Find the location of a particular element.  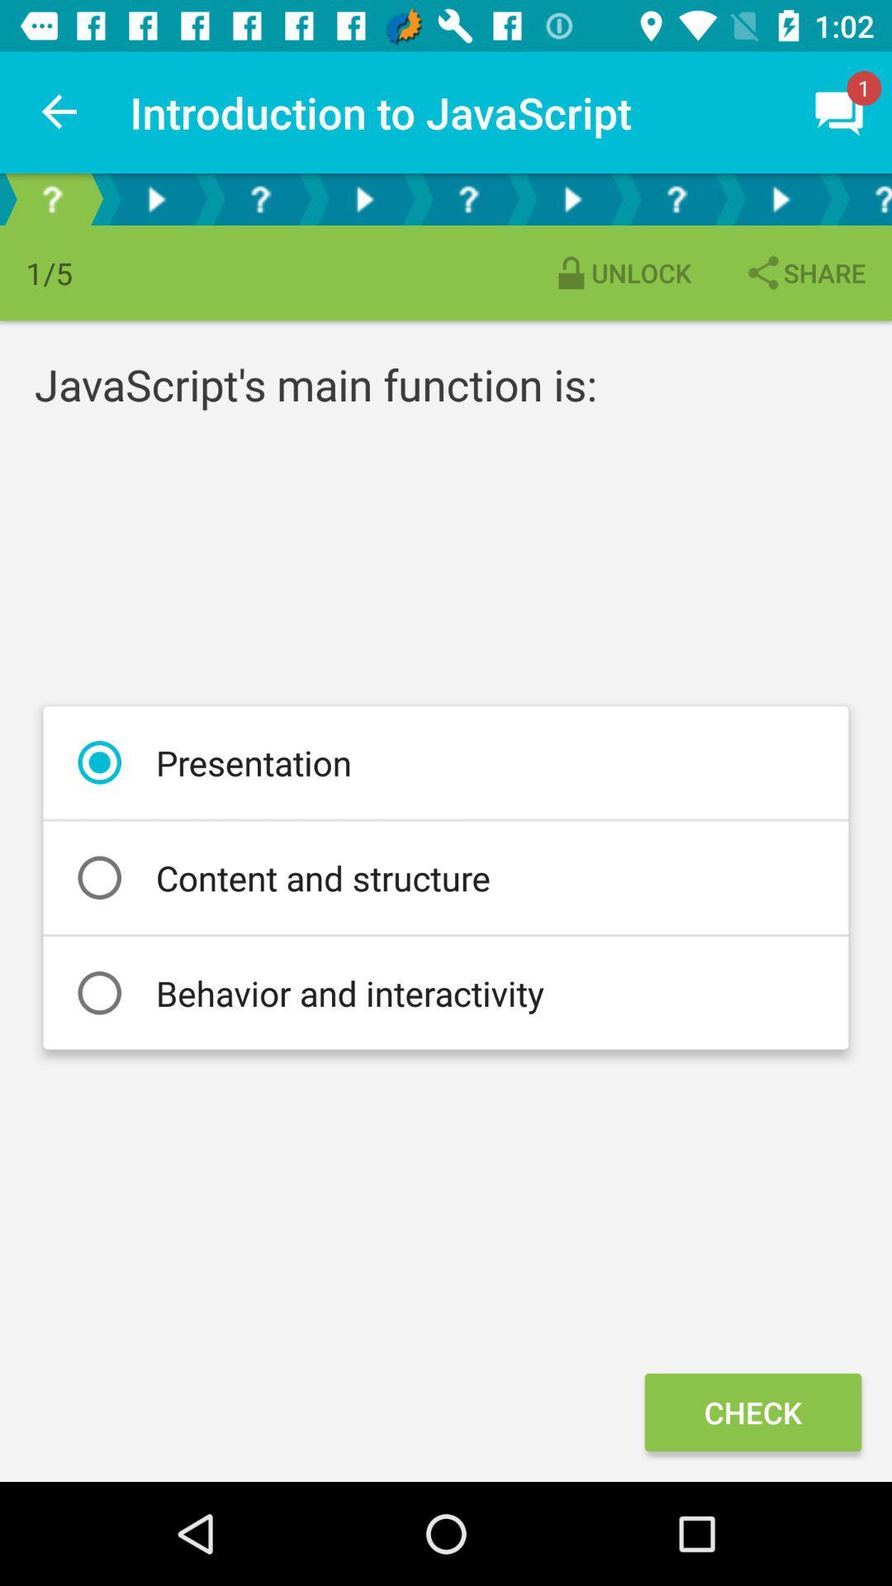

the play icon is located at coordinates (156, 198).